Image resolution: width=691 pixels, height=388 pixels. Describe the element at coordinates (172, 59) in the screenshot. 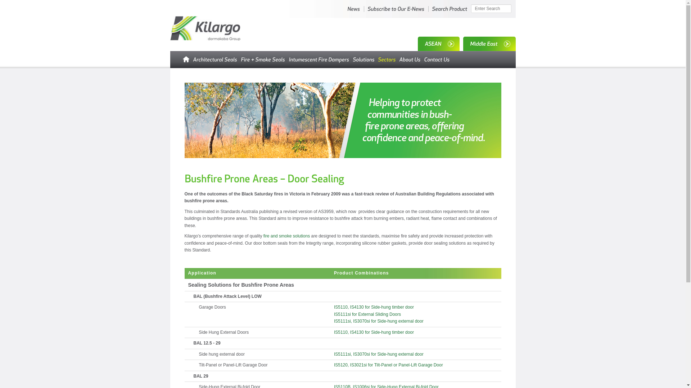

I see `'Home'` at that location.